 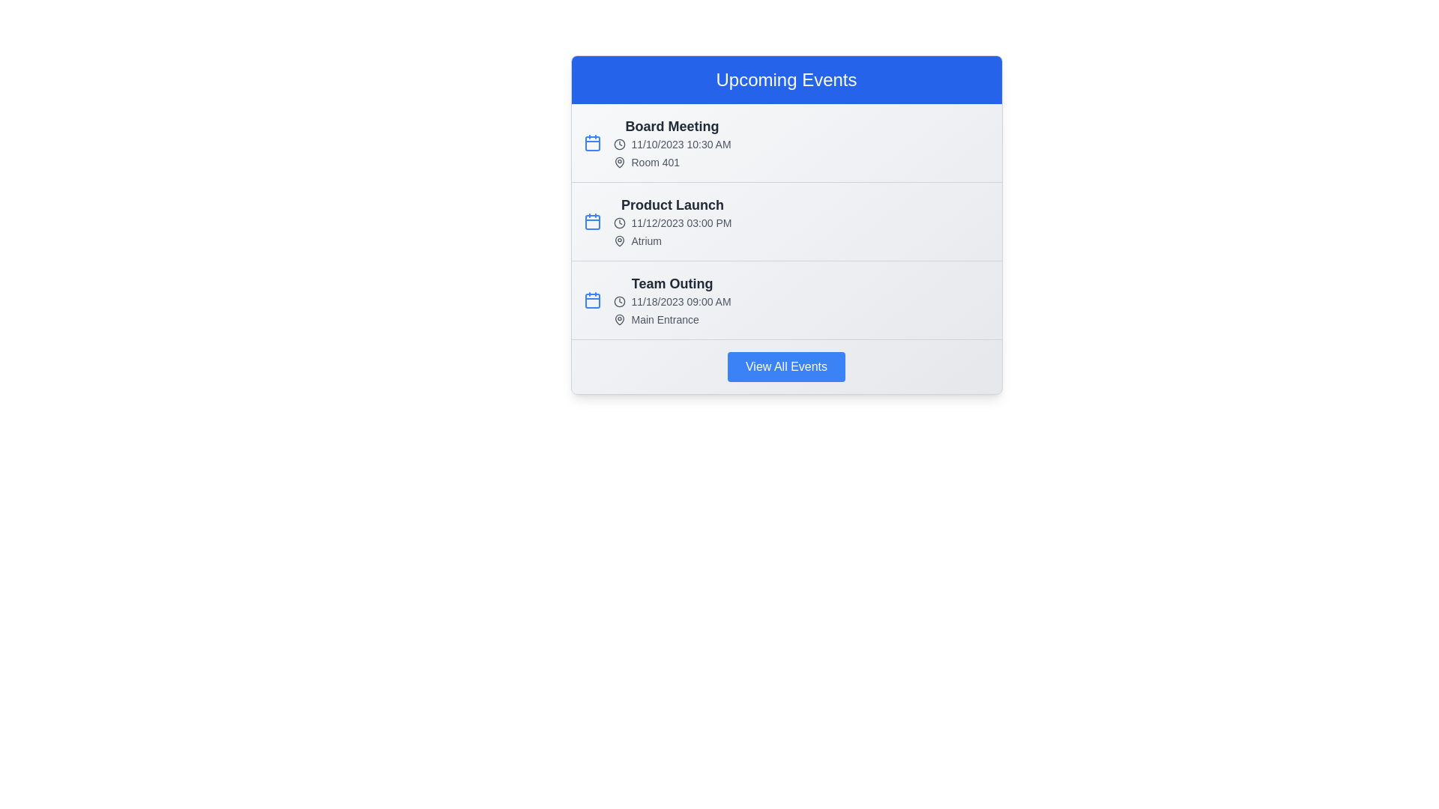 I want to click on text label that displays 'Team Outing', which is styled in bold, large font and dark gray color, located in the third list item of the 'Upcoming Events' section, so click(x=672, y=283).